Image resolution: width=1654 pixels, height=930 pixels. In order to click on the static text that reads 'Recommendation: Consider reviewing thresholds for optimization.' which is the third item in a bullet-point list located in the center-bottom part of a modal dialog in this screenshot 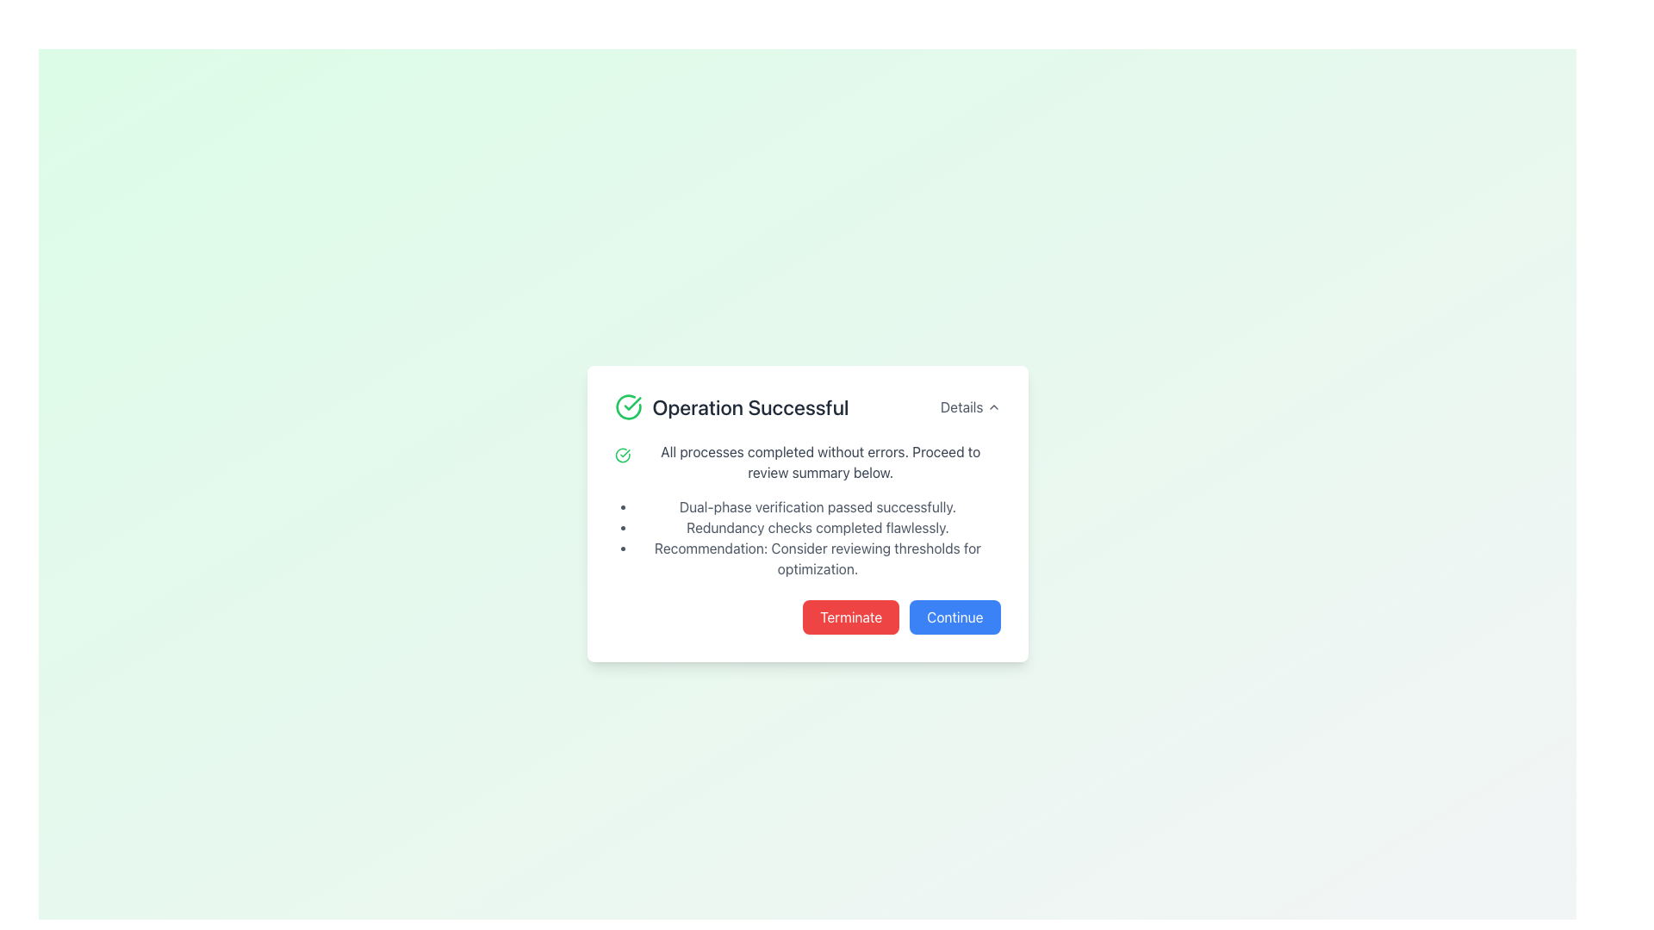, I will do `click(817, 558)`.